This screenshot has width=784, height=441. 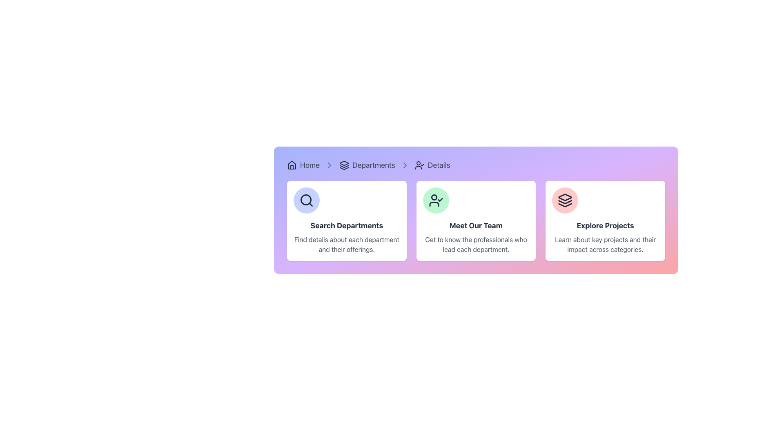 I want to click on the 'Home' hyperlink in the breadcrumb navigation bar, so click(x=309, y=165).